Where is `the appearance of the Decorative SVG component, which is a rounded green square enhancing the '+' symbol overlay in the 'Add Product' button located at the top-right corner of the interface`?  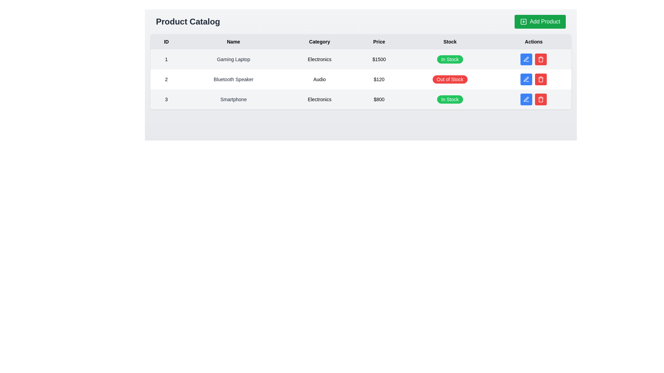
the appearance of the Decorative SVG component, which is a rounded green square enhancing the '+' symbol overlay in the 'Add Product' button located at the top-right corner of the interface is located at coordinates (523, 21).